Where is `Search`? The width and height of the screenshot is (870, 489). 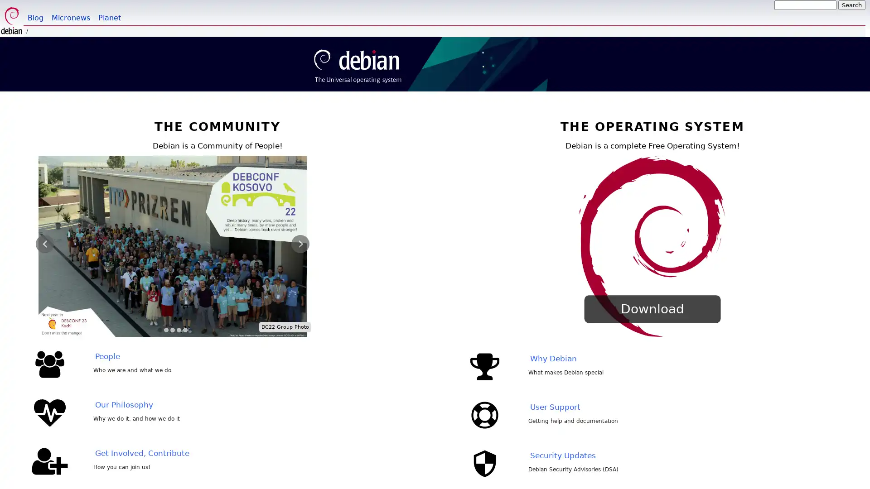 Search is located at coordinates (851, 5).